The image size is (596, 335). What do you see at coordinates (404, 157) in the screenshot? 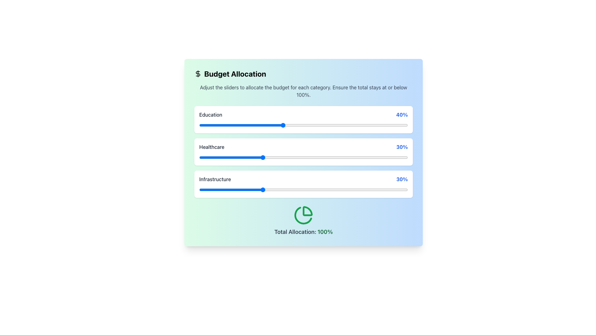
I see `healthcare allocation` at bounding box center [404, 157].